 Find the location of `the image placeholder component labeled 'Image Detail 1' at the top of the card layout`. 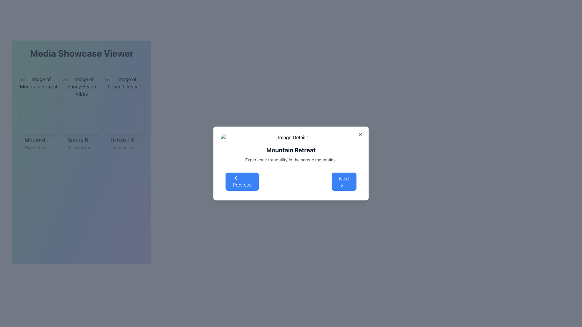

the image placeholder component labeled 'Image Detail 1' at the top of the card layout is located at coordinates (291, 137).